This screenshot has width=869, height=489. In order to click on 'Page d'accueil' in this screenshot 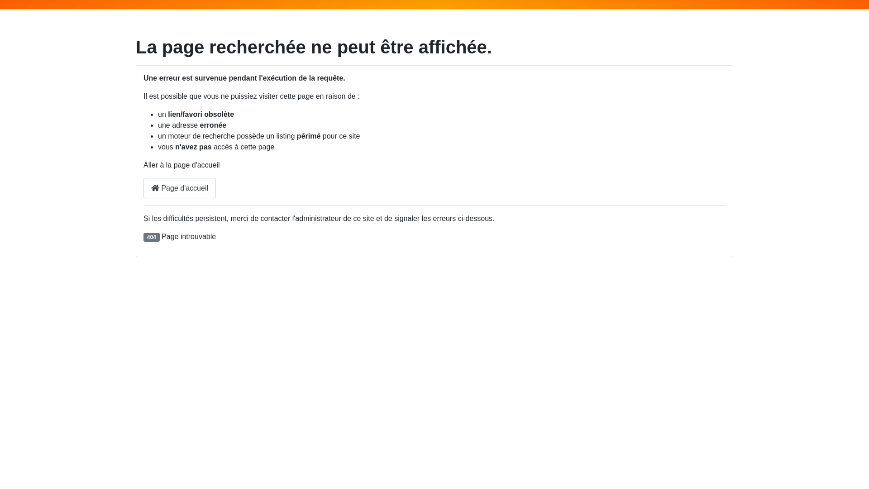, I will do `click(143, 187)`.